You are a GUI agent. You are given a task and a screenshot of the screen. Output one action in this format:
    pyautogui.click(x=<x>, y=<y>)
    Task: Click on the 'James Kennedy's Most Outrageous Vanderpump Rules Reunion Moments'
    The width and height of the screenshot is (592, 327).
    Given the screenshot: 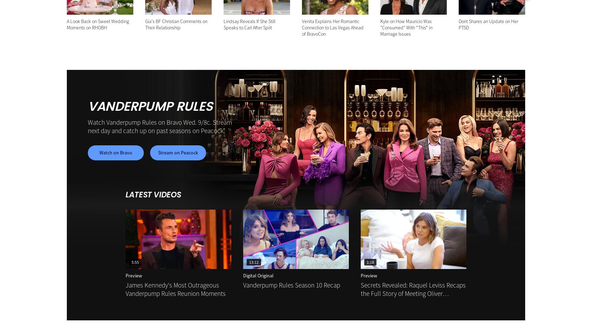 What is the action you would take?
    pyautogui.click(x=176, y=289)
    